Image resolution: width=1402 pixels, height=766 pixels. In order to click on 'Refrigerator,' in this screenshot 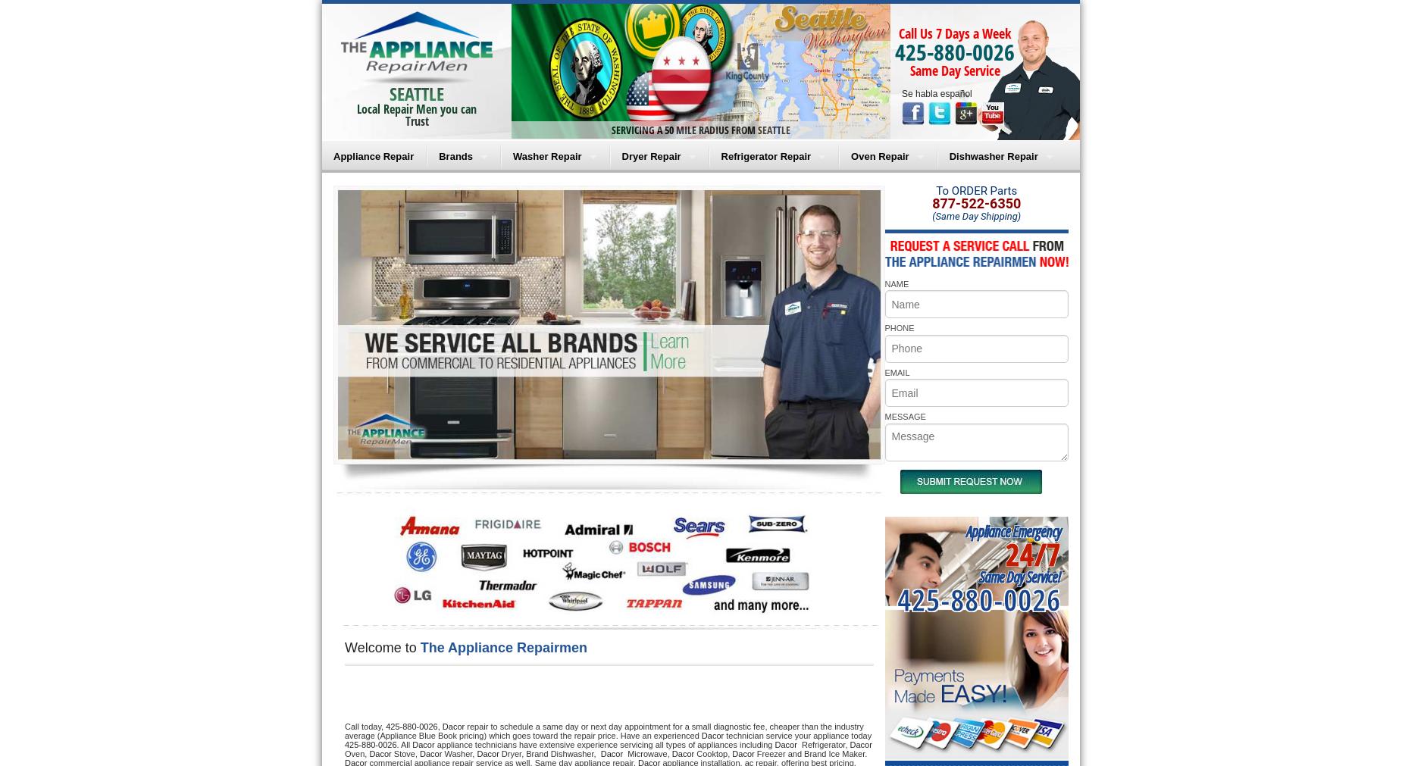, I will do `click(823, 743)`.